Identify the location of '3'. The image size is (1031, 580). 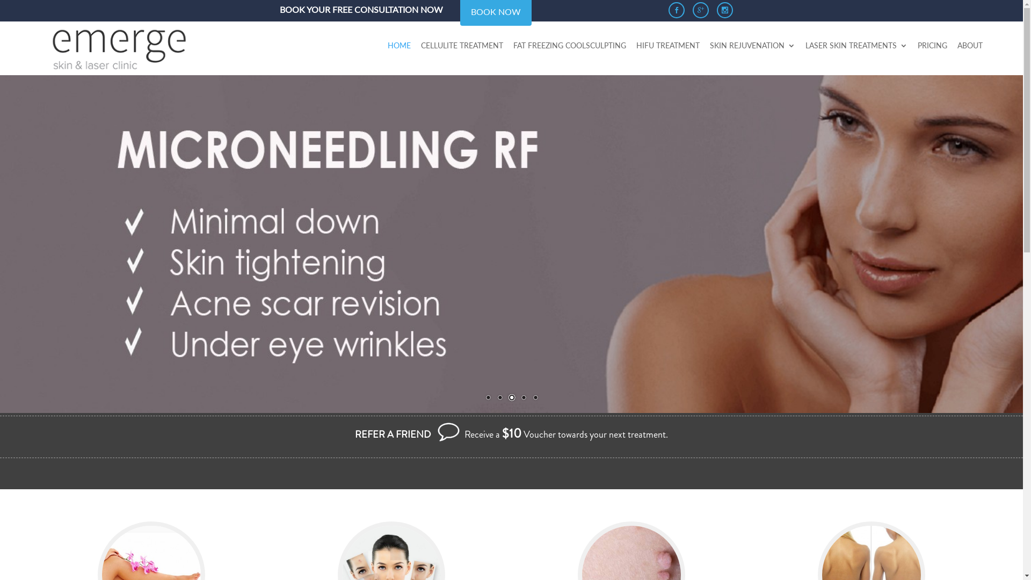
(511, 398).